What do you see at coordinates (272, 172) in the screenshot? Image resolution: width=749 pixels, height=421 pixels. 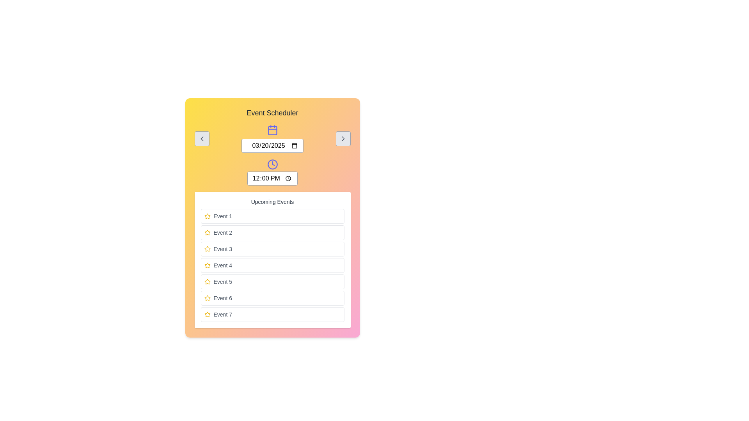 I see `the time input box located centrally within the 'Event Scheduler' card` at bounding box center [272, 172].